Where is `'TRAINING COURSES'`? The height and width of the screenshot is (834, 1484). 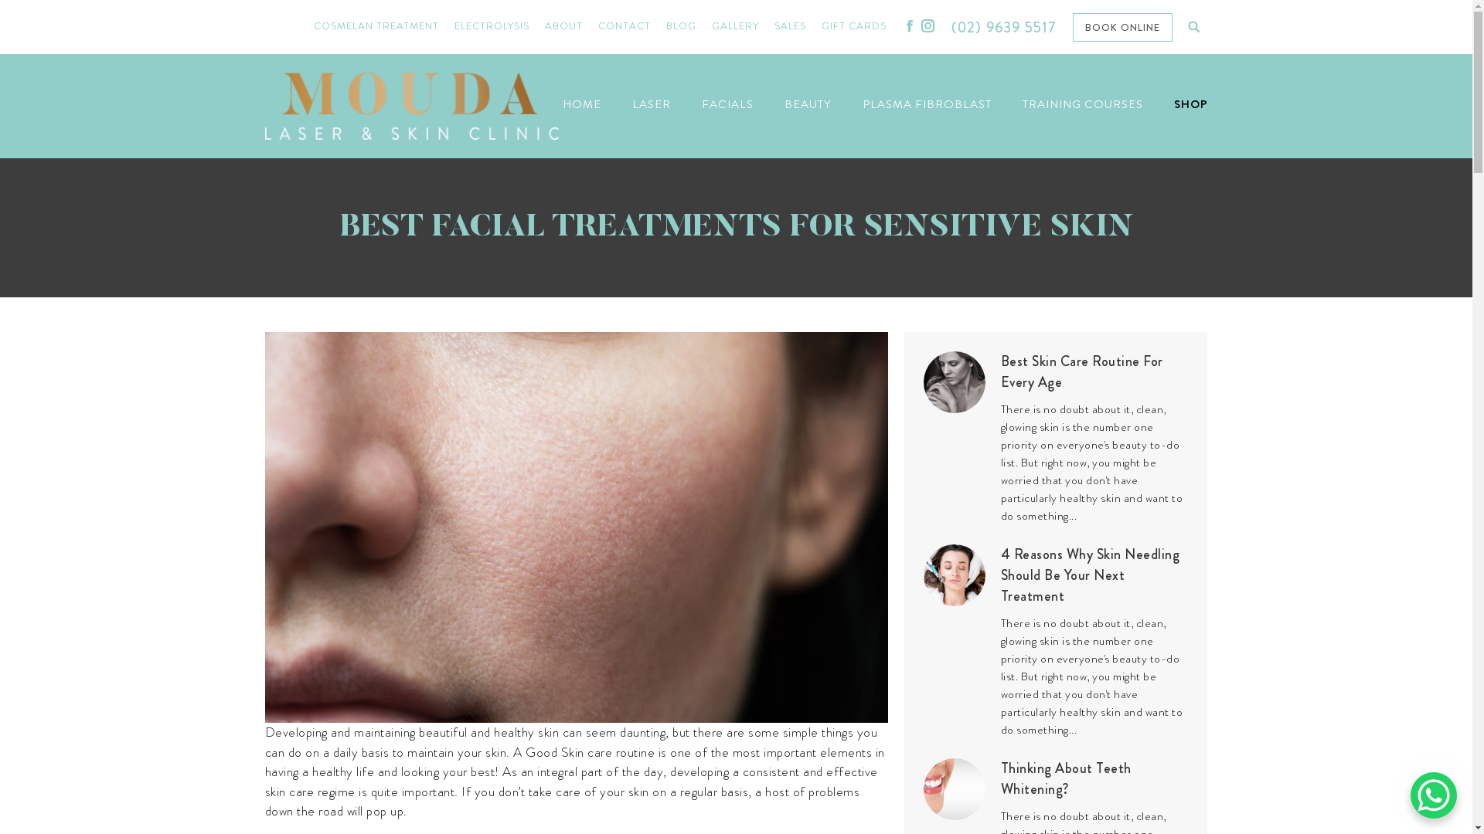
'TRAINING COURSES' is located at coordinates (1081, 104).